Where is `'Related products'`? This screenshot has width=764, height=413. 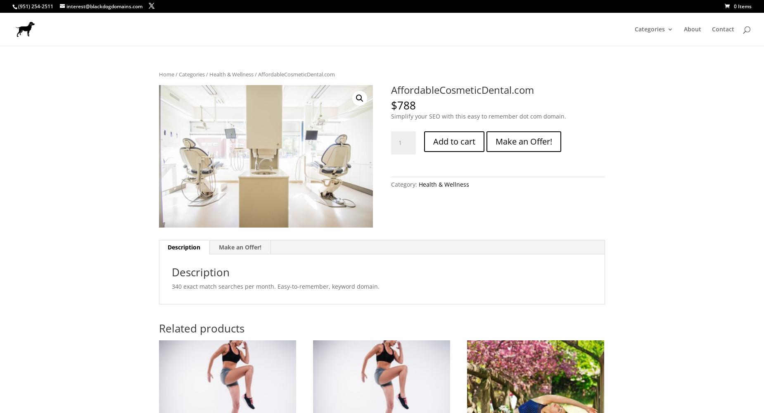
'Related products' is located at coordinates (158, 328).